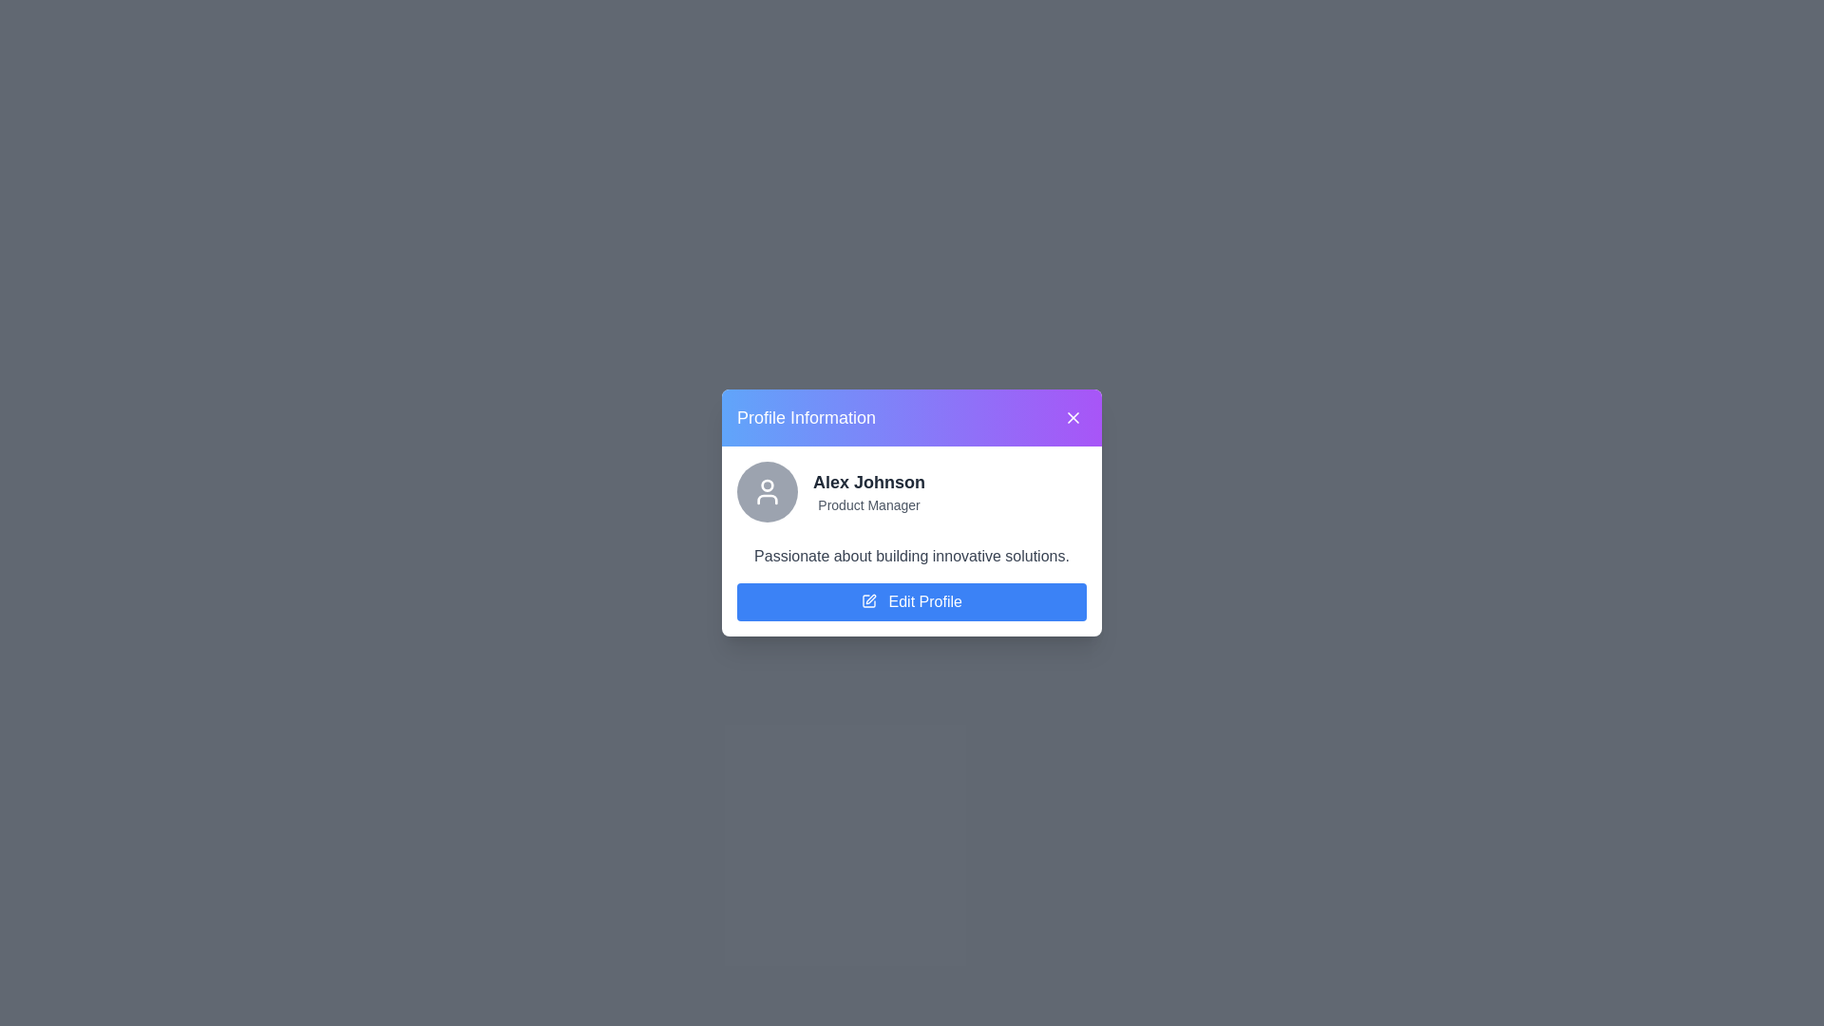 This screenshot has width=1824, height=1026. I want to click on close button in the top-right corner of the dialog, so click(1073, 416).